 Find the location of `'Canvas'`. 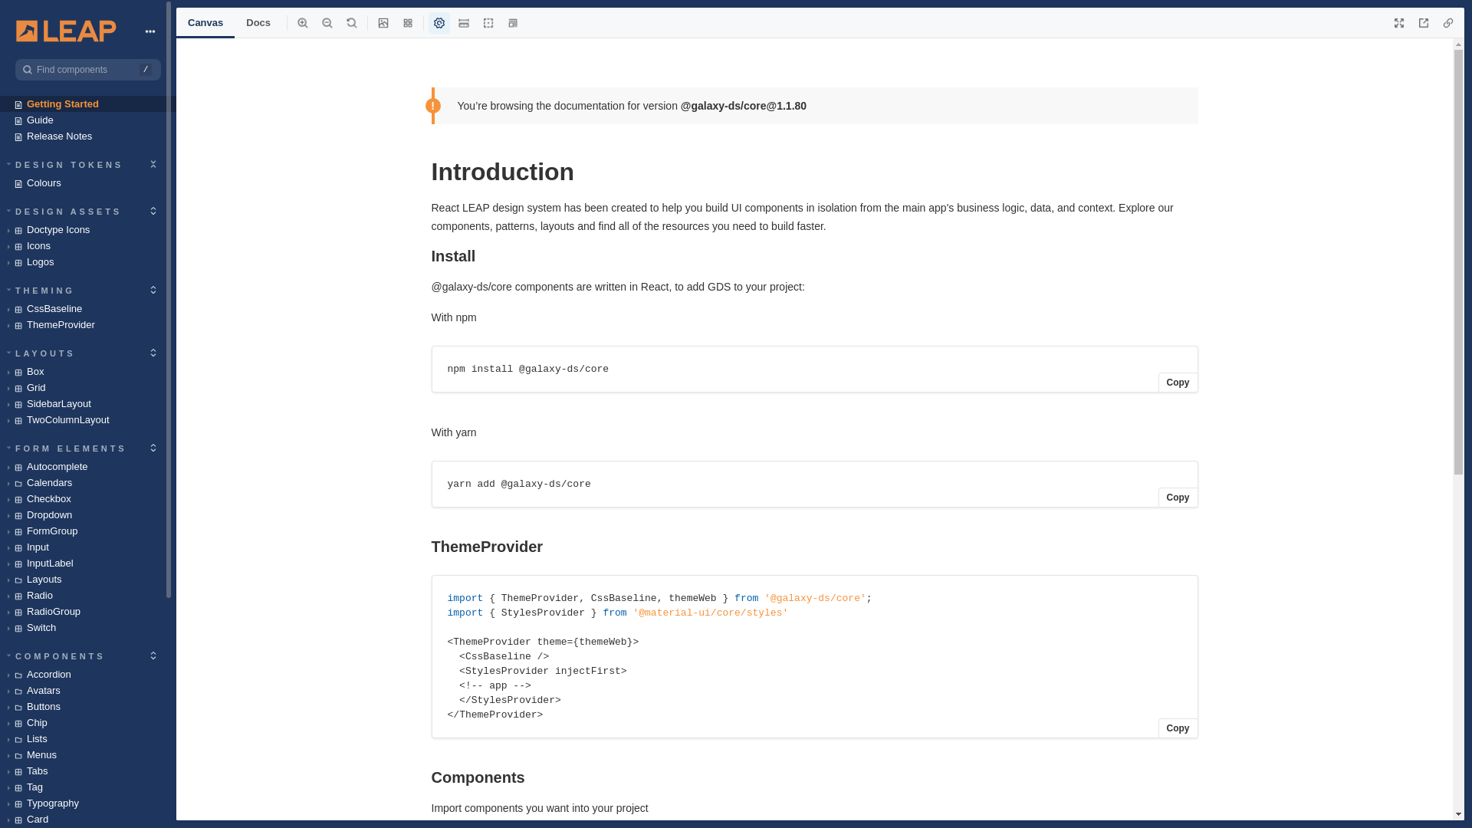

'Canvas' is located at coordinates (205, 23).